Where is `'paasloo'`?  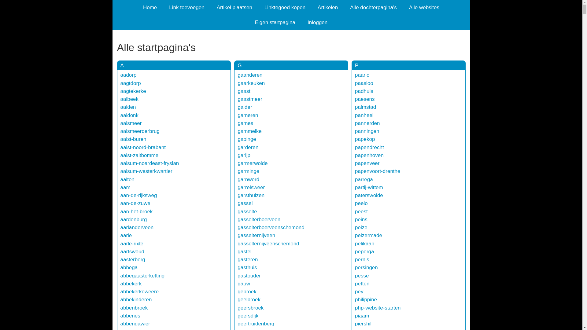 'paasloo' is located at coordinates (355, 83).